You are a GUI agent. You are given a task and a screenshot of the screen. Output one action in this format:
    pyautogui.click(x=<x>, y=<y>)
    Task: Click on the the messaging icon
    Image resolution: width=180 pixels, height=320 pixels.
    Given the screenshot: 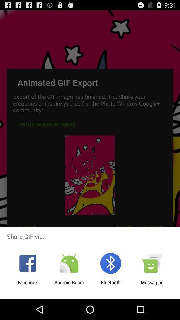 What is the action you would take?
    pyautogui.click(x=152, y=285)
    